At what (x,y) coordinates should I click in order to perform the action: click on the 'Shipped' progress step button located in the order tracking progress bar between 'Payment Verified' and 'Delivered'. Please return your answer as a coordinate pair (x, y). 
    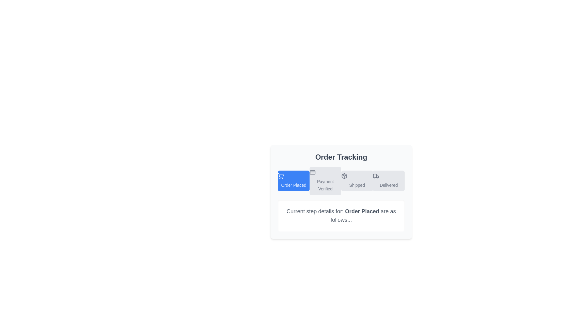
    Looking at the image, I should click on (357, 181).